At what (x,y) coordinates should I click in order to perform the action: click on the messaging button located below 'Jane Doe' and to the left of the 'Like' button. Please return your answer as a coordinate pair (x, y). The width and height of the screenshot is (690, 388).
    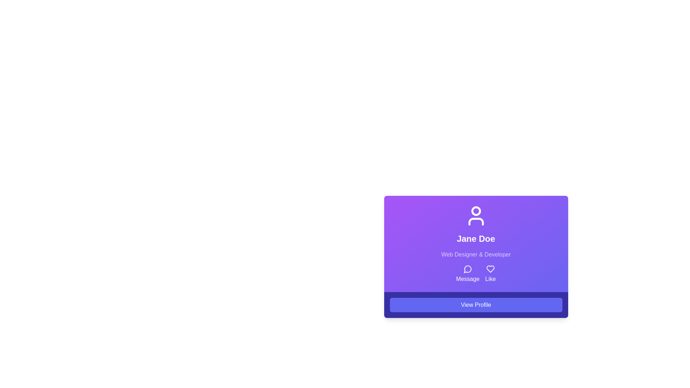
    Looking at the image, I should click on (468, 274).